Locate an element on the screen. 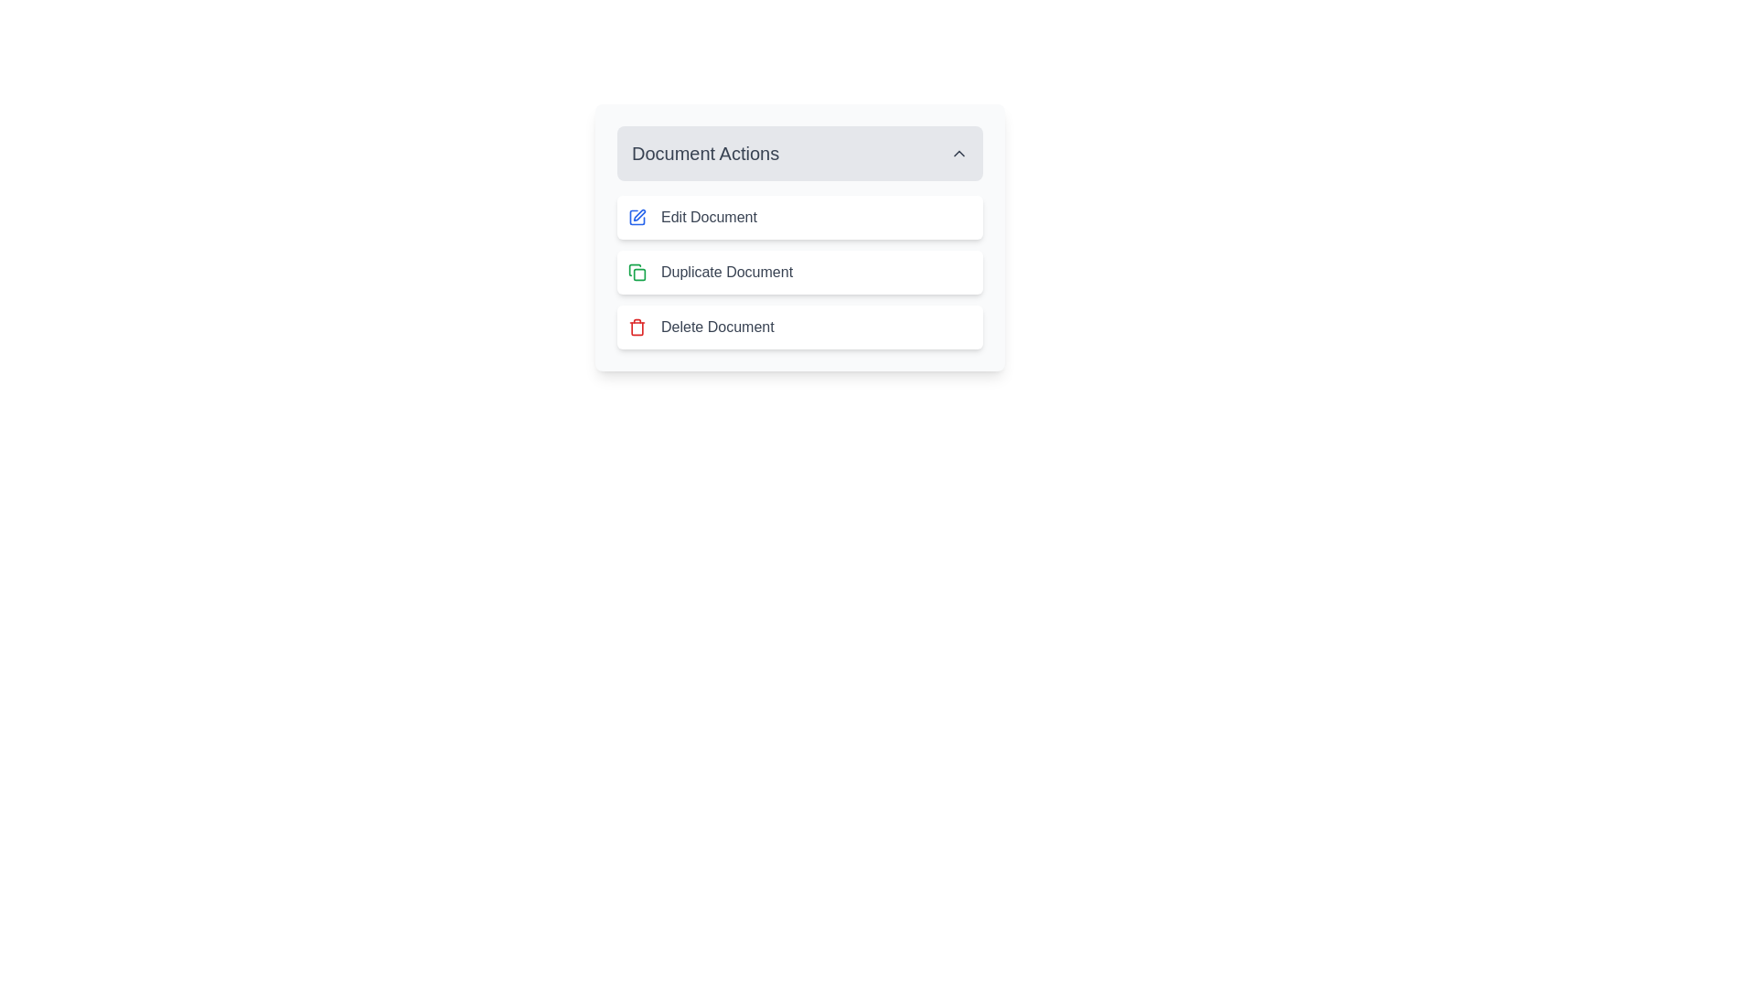  the 'Edit Document' text label in the 'Document Actions' menu, which is styled in gray with a medium-weight sans-serif font and located next to a blue pen icon is located at coordinates (708, 217).